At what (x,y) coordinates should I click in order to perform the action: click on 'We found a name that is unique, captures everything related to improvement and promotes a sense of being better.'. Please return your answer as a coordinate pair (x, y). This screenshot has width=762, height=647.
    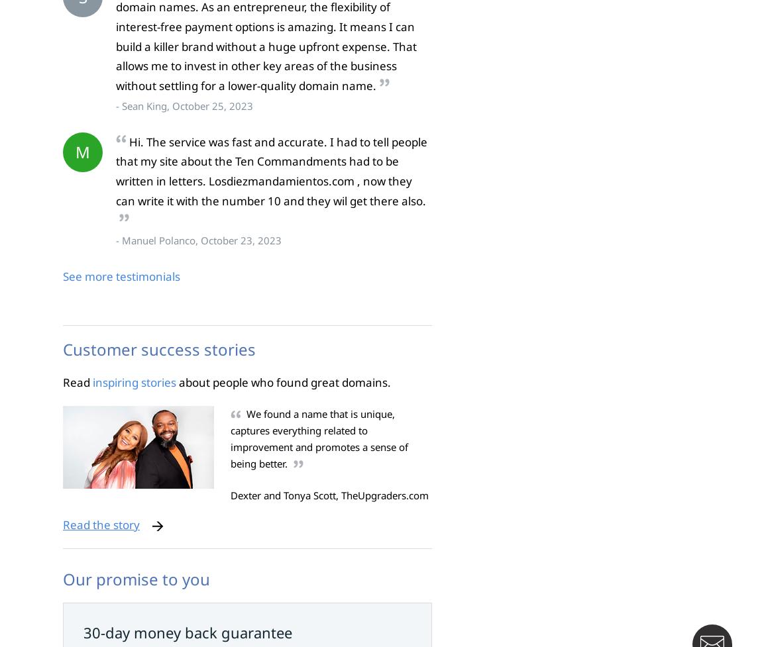
    Looking at the image, I should click on (319, 438).